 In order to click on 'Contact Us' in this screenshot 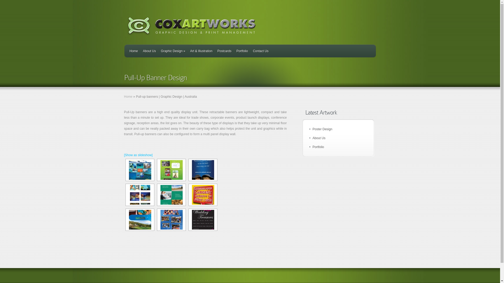, I will do `click(261, 51)`.